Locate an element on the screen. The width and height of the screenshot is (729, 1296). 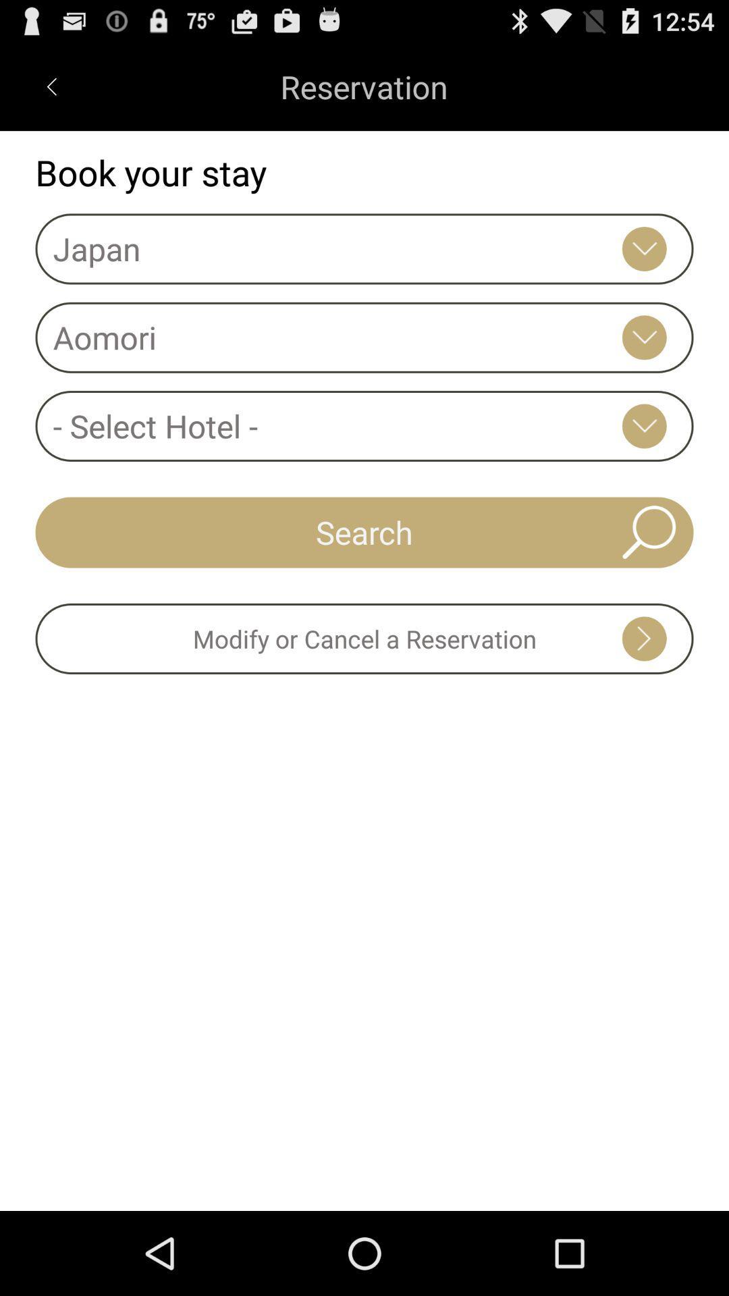
the item next to reservation is located at coordinates (51, 86).